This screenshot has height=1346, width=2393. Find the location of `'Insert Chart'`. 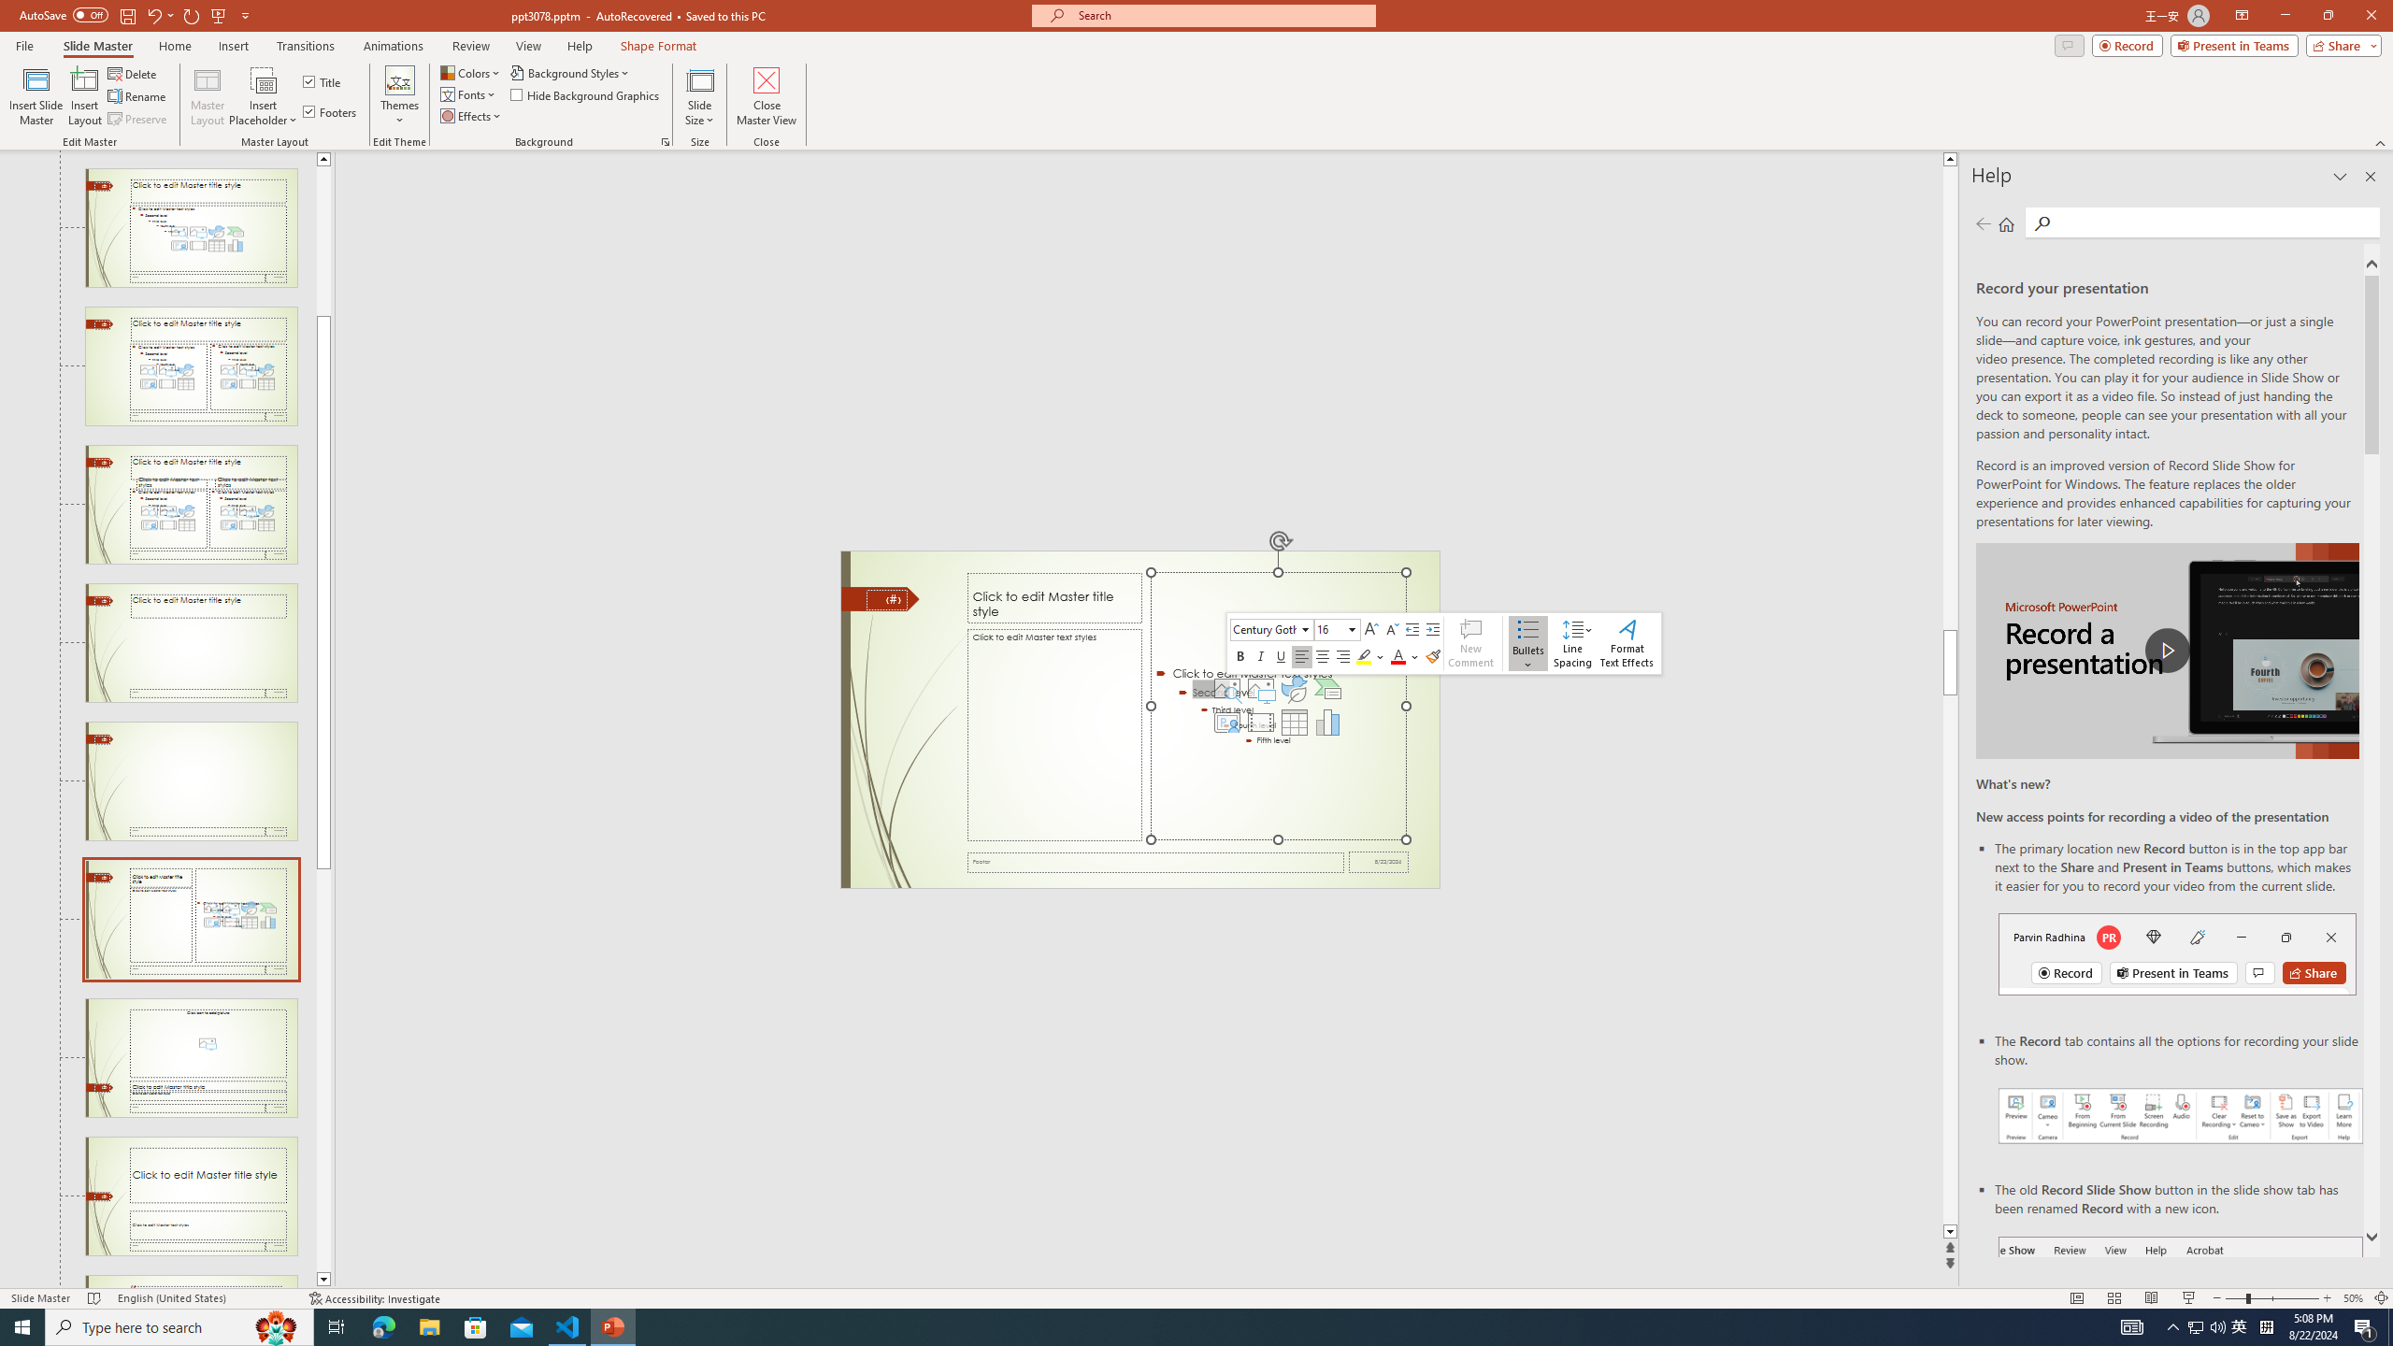

'Insert Chart' is located at coordinates (1326, 723).